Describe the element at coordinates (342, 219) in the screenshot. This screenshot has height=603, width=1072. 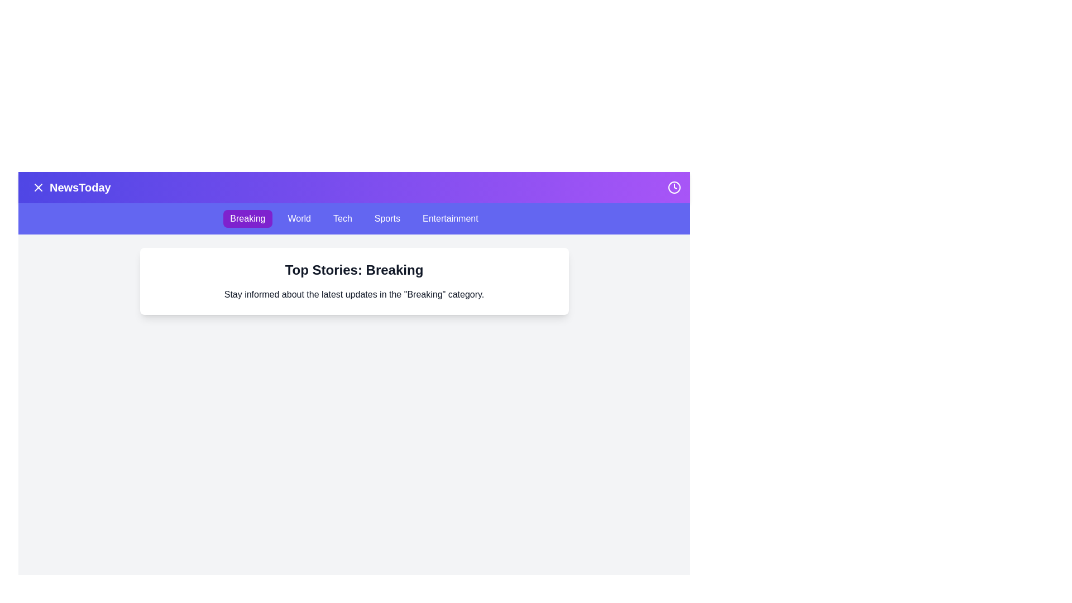
I see `the category Tech from the navigation bar` at that location.